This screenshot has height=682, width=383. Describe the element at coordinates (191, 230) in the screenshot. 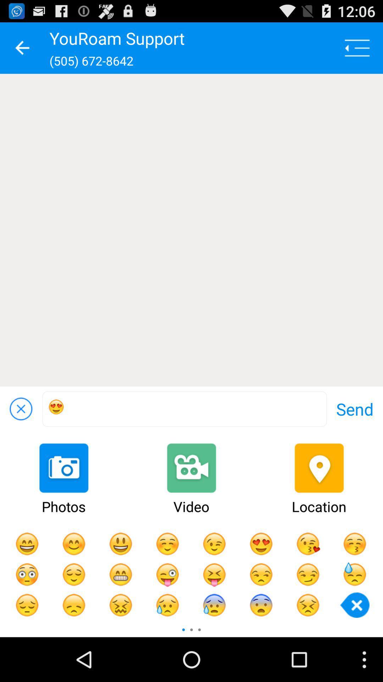

I see `the icon above send app` at that location.